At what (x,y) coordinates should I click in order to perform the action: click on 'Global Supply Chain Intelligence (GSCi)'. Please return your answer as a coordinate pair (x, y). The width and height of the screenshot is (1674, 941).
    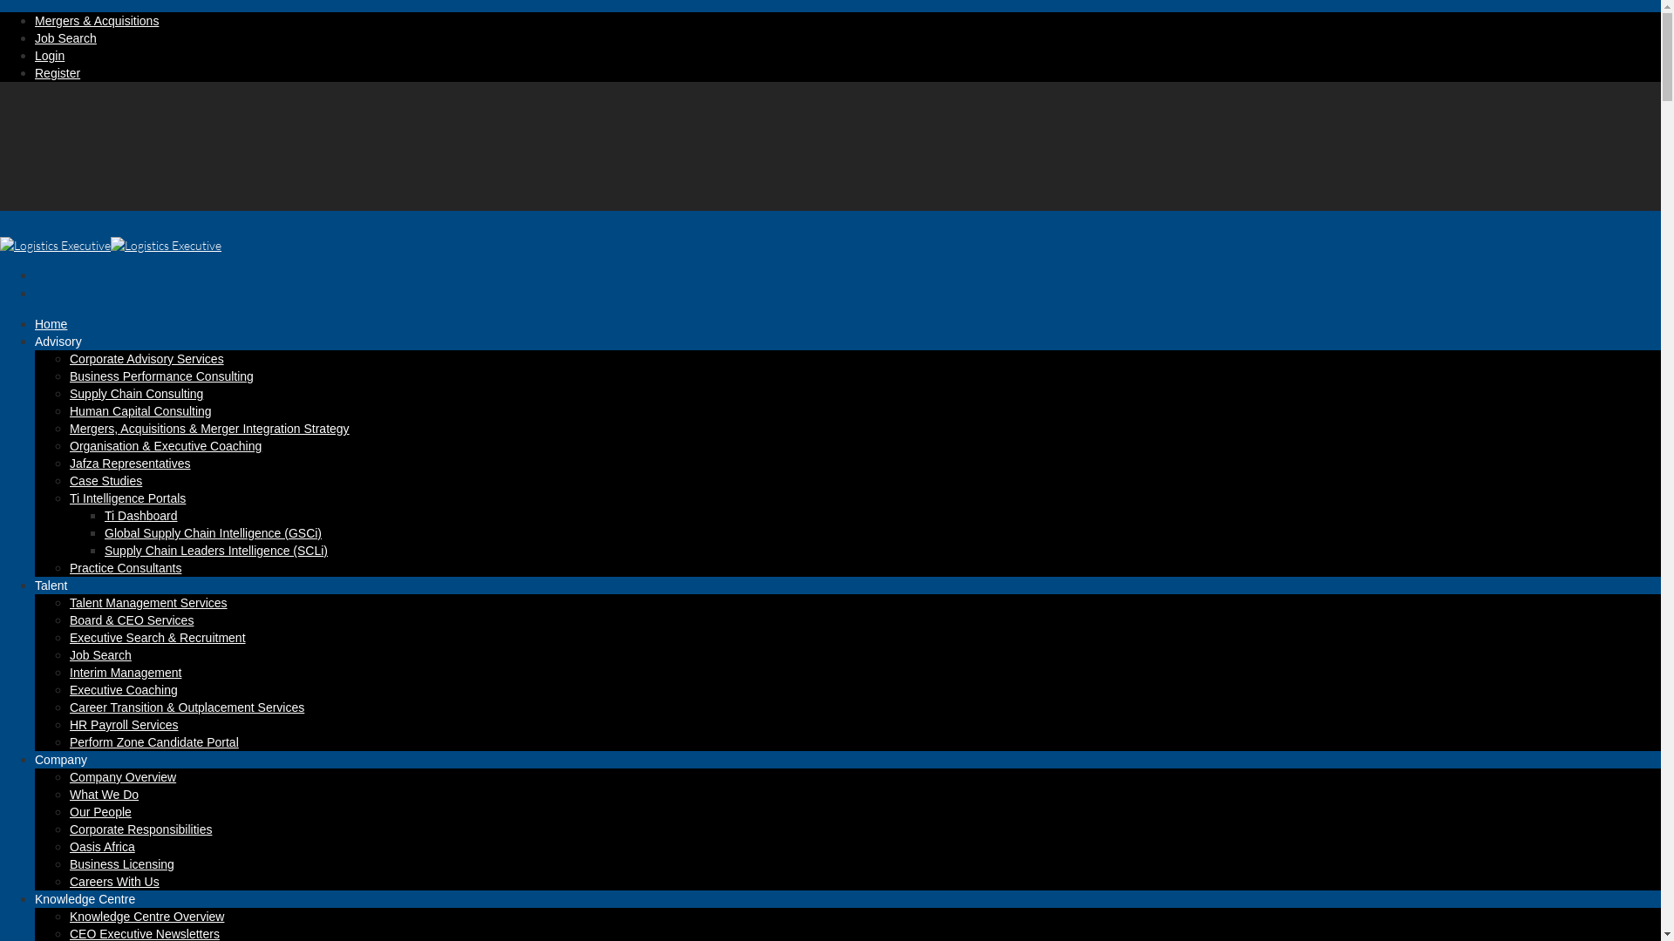
    Looking at the image, I should click on (212, 532).